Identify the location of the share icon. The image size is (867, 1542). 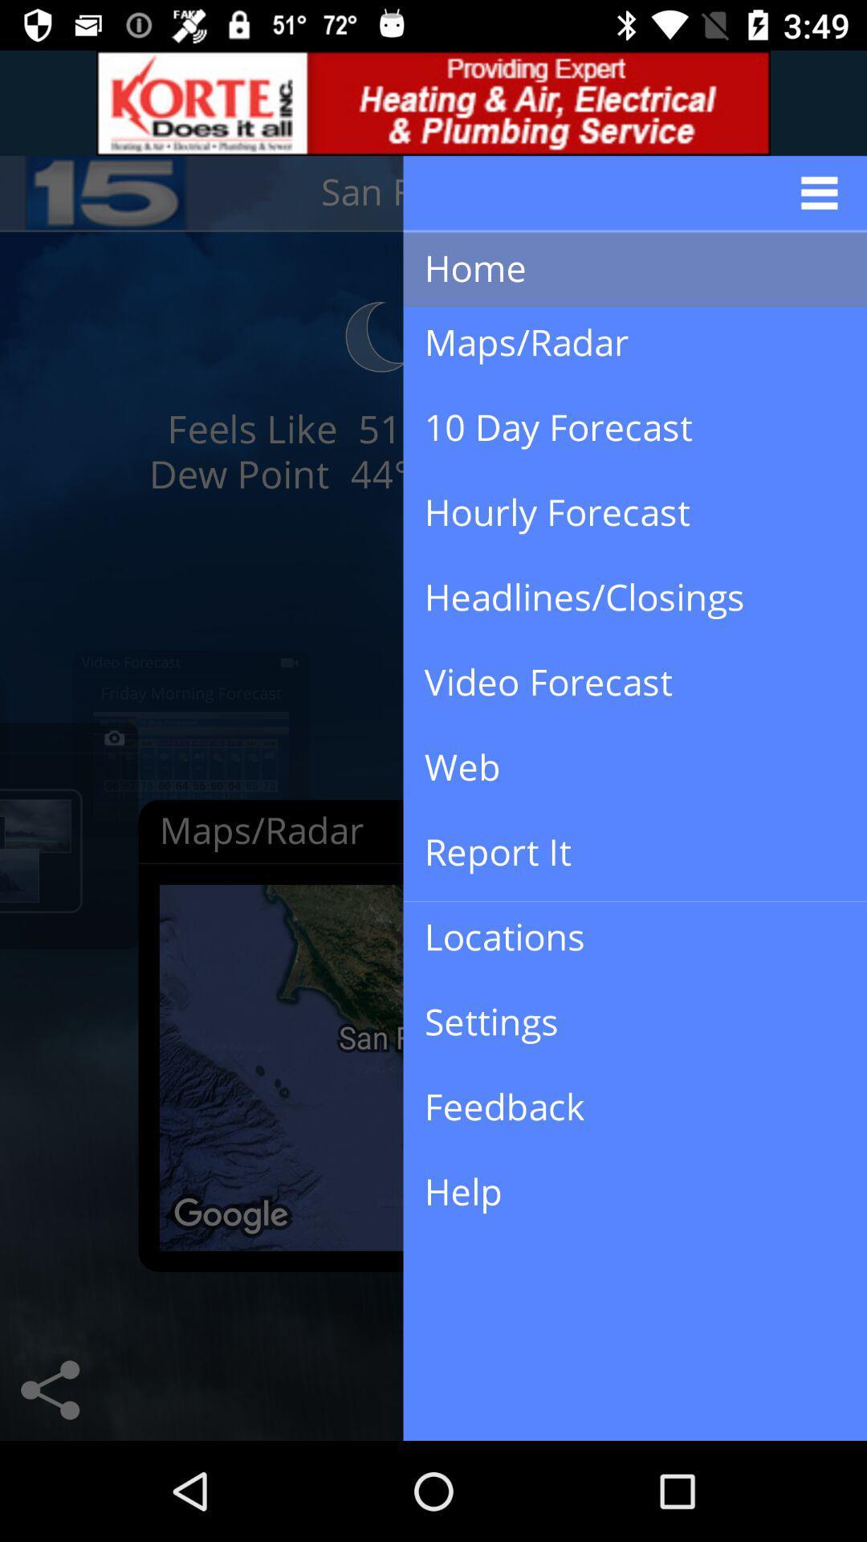
(49, 1389).